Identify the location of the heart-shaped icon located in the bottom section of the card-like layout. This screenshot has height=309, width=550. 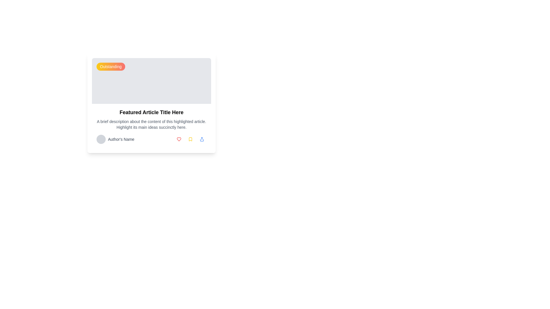
(178, 139).